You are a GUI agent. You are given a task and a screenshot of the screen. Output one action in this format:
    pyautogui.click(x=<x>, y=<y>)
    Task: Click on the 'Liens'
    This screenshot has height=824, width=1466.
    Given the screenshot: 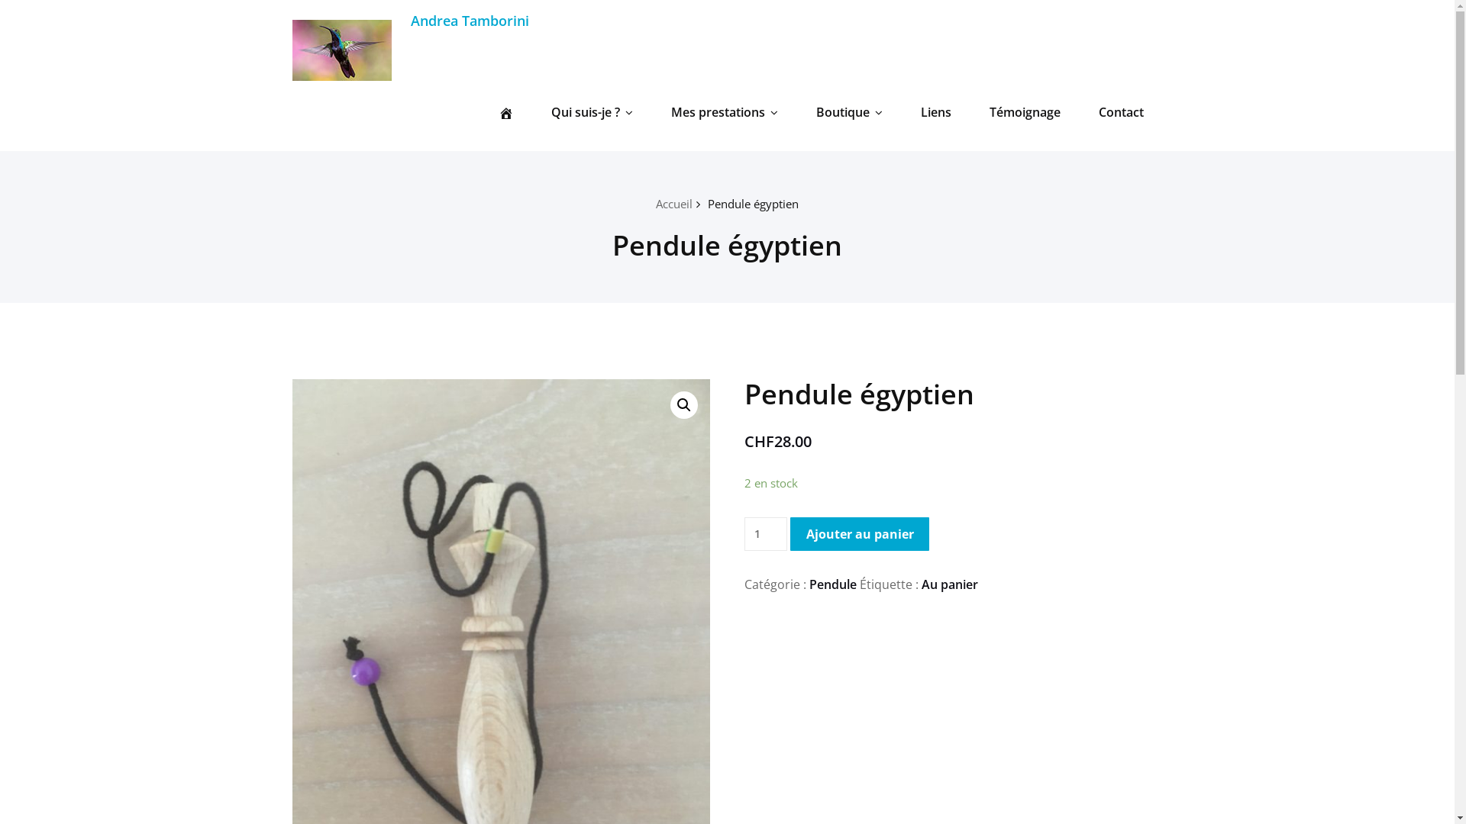 What is the action you would take?
    pyautogui.click(x=909, y=111)
    